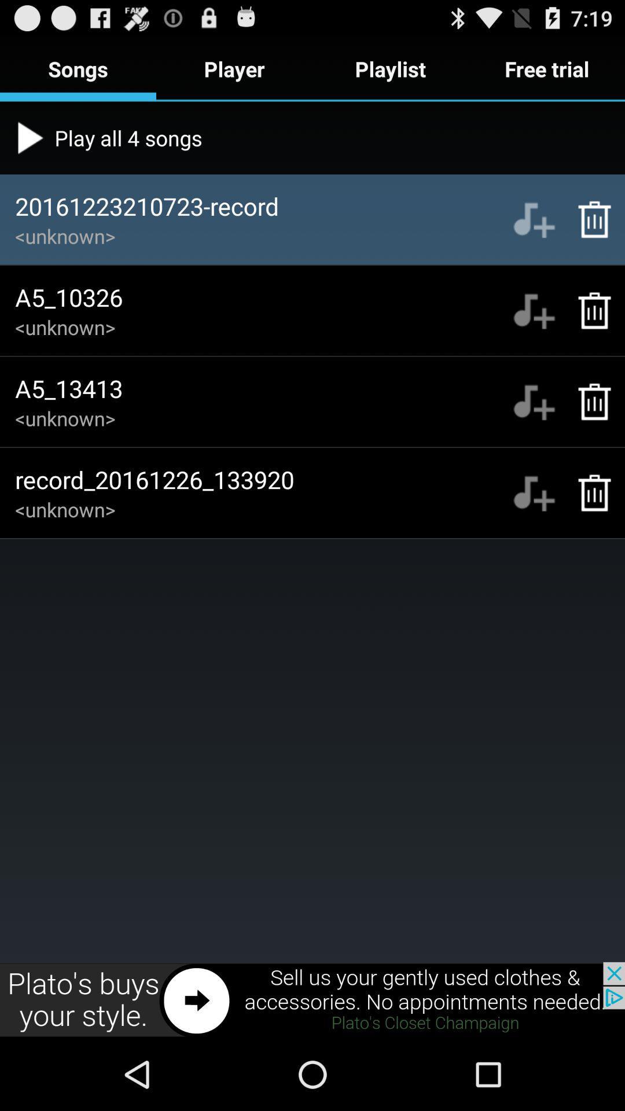  Describe the element at coordinates (534, 311) in the screenshot. I see `play` at that location.